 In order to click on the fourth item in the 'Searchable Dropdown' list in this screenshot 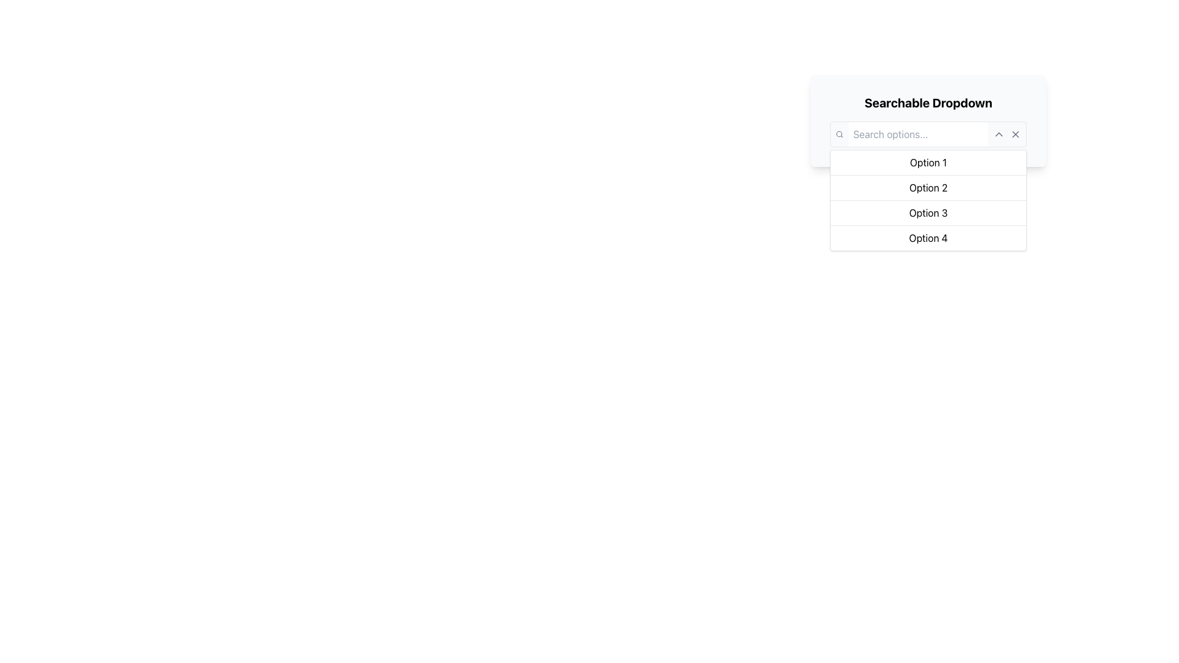, I will do `click(928, 238)`.